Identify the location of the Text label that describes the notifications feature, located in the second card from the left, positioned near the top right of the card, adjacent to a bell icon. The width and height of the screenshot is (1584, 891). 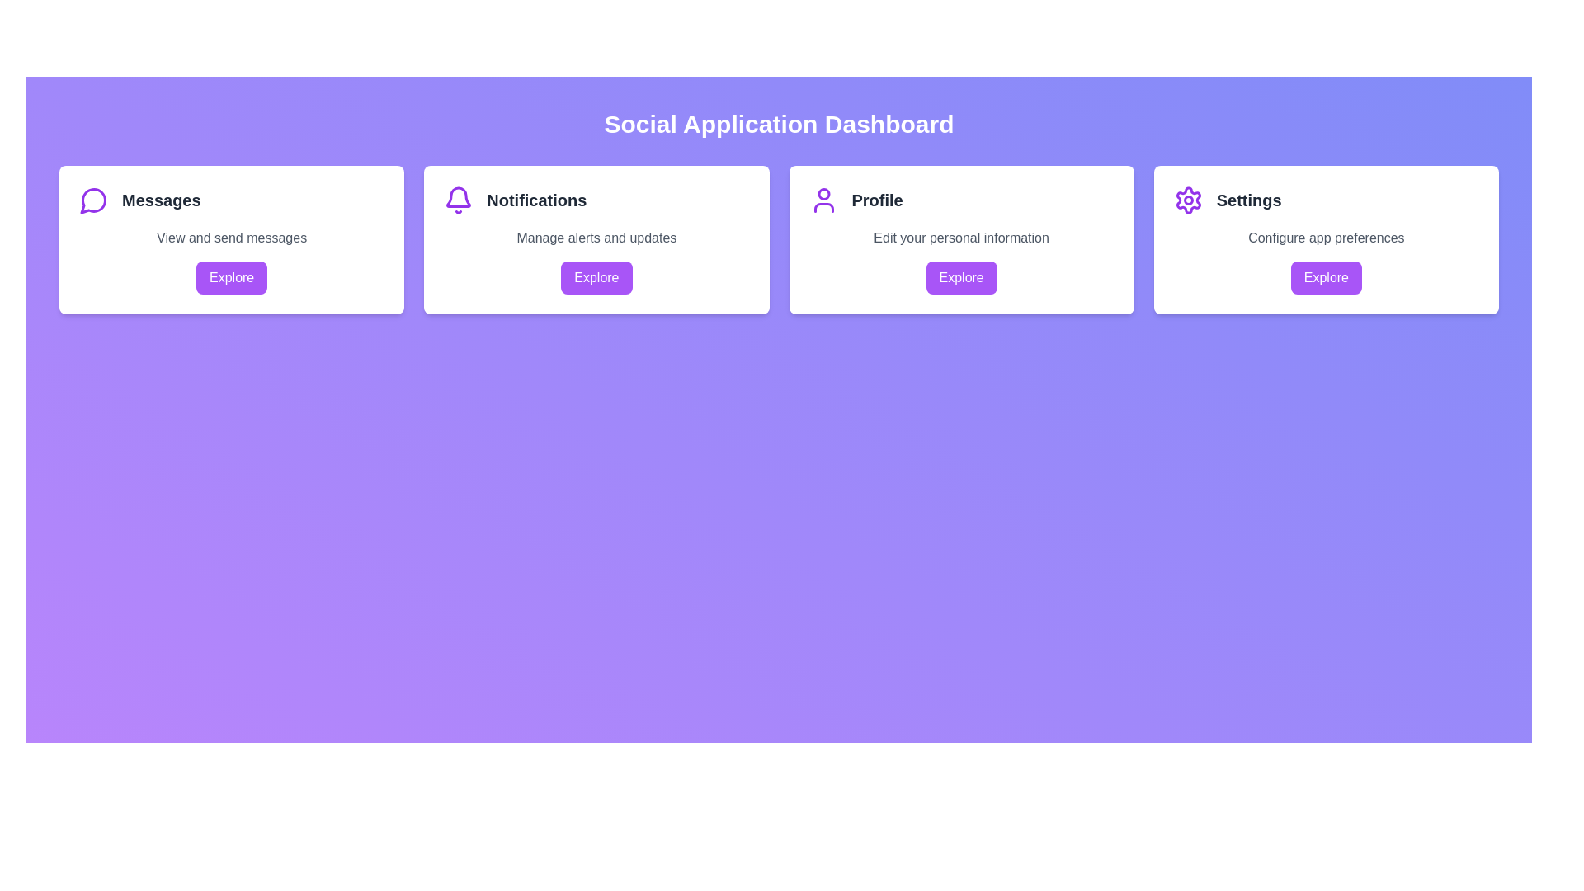
(536, 200).